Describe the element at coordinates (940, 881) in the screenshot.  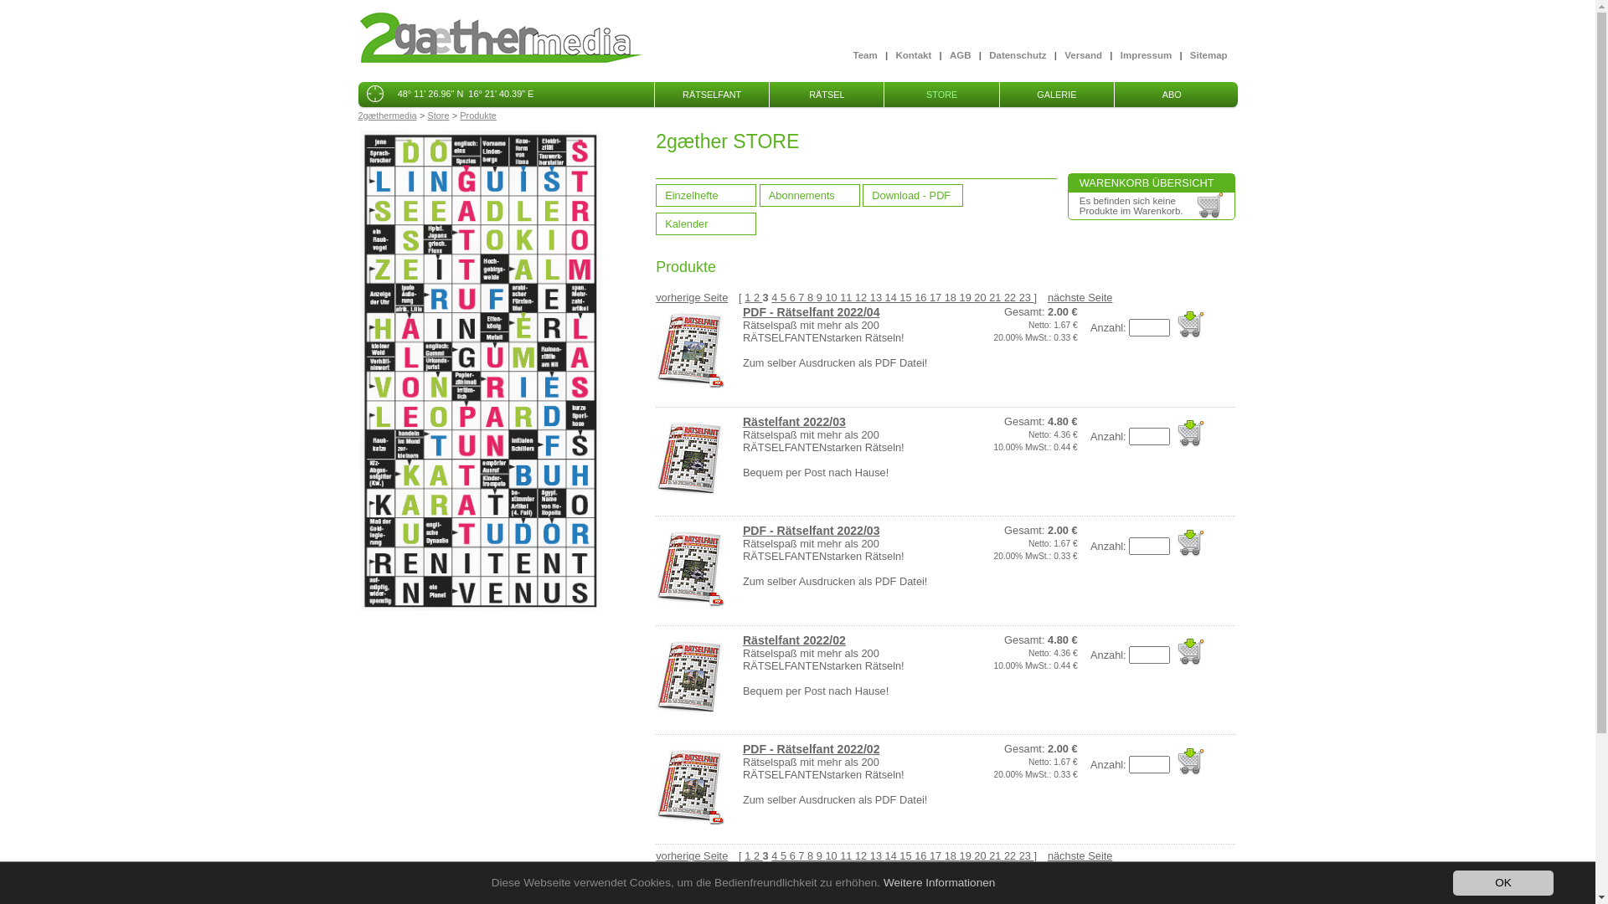
I see `'Weitere Informationen'` at that location.